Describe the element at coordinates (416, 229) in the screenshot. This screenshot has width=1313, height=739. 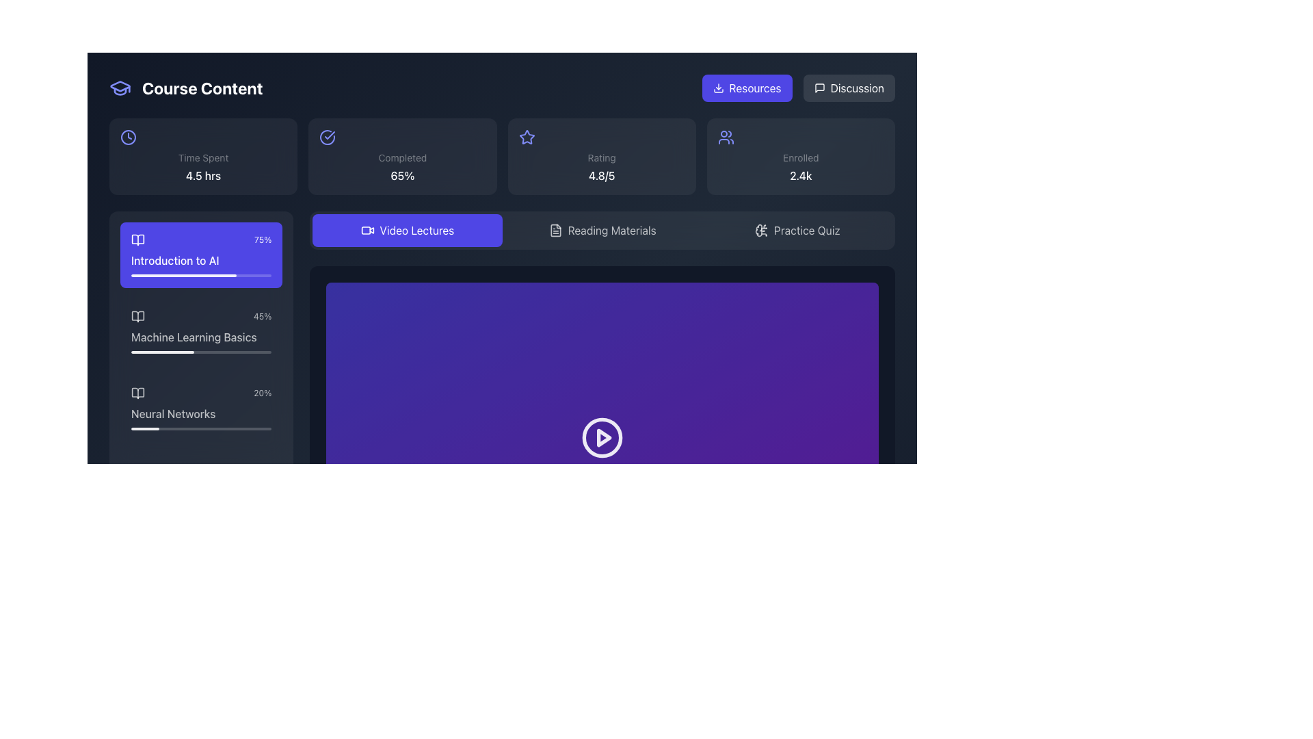
I see `the 'Video Lectures' text label` at that location.